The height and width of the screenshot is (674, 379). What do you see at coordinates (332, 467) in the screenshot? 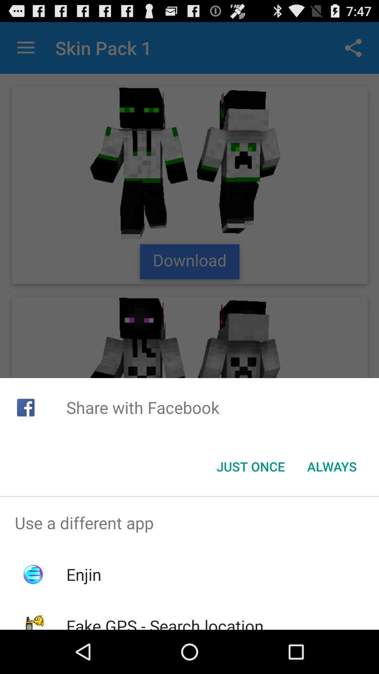
I see `button to the right of just once button` at bounding box center [332, 467].